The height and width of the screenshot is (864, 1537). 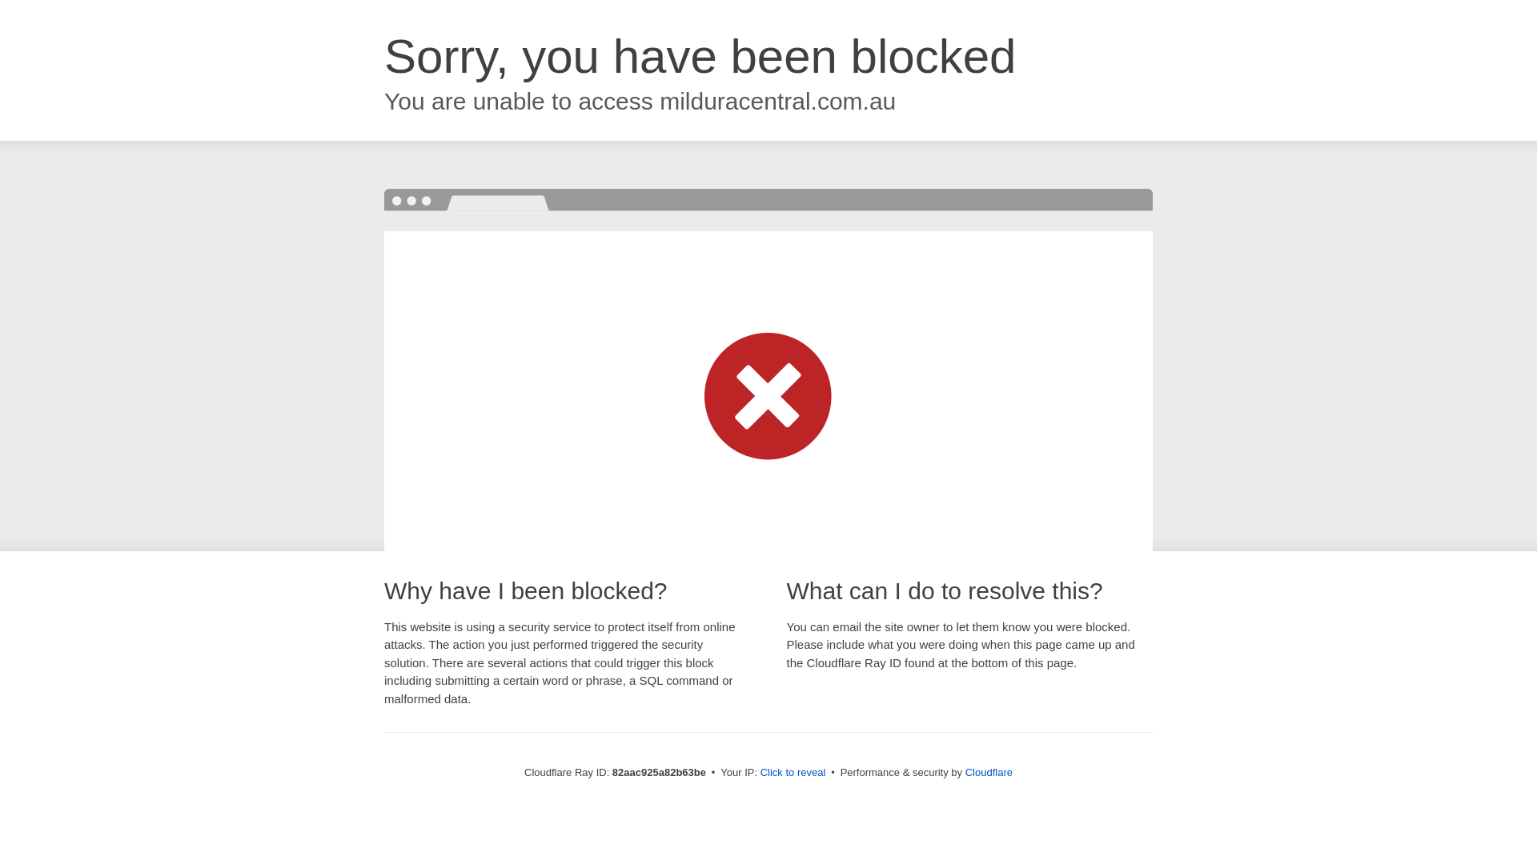 I want to click on 'Cloudflare', so click(x=988, y=771).